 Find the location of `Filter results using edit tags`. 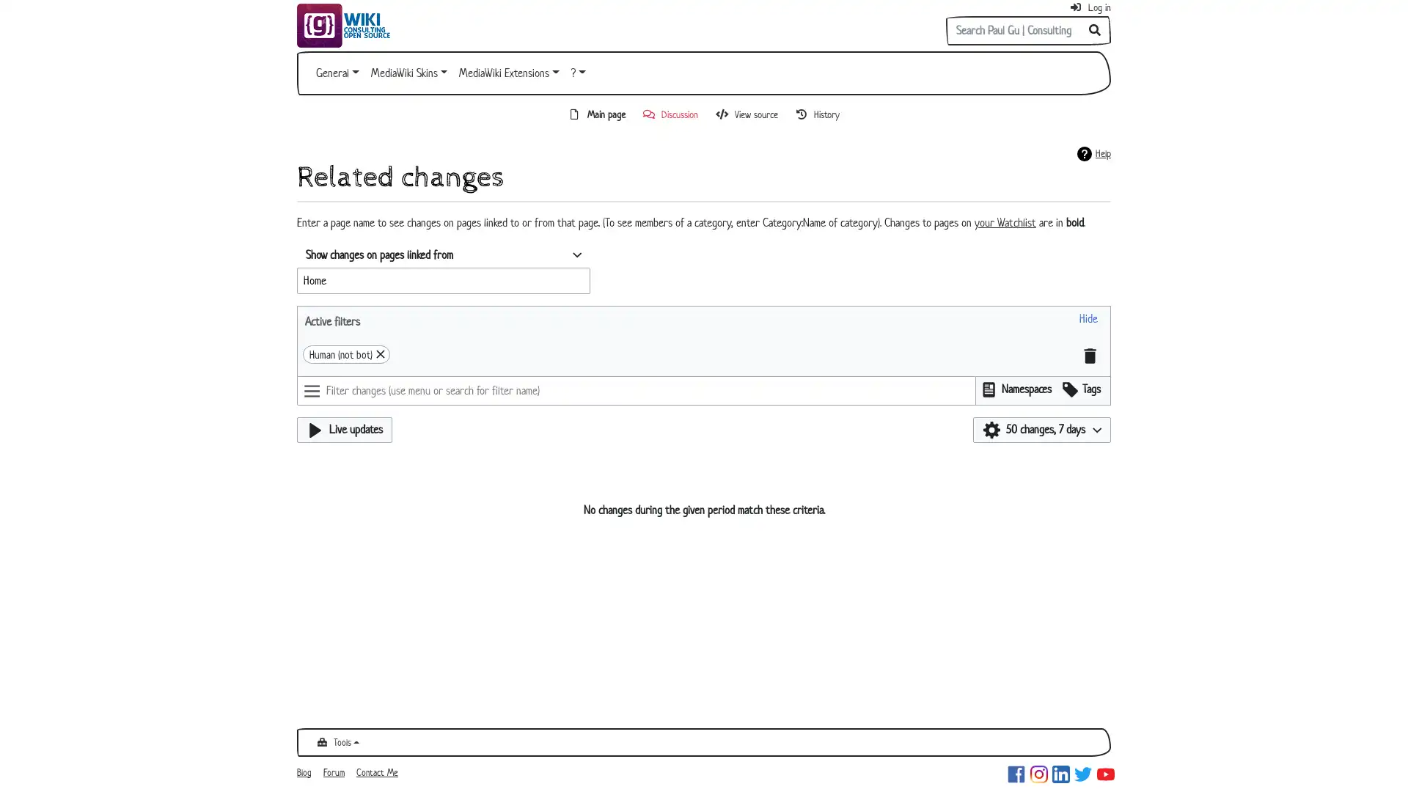

Filter results using edit tags is located at coordinates (1081, 389).